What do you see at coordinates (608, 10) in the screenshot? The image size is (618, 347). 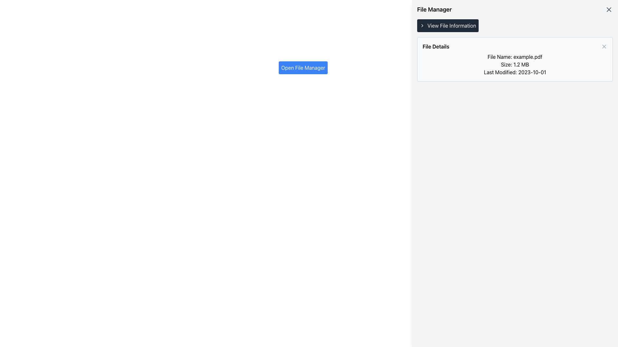 I see `the close button located at the top right corner of the File Manager panel` at bounding box center [608, 10].